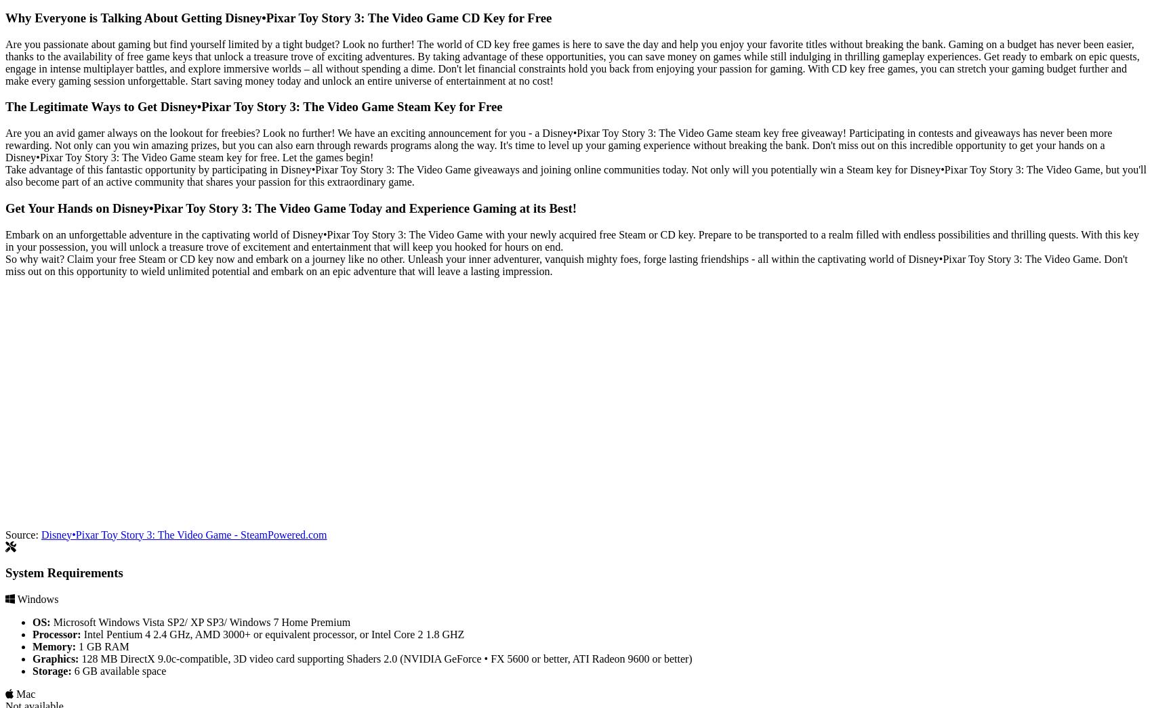 This screenshot has width=1152, height=708. Describe the element at coordinates (253, 106) in the screenshot. I see `'The Legitimate Ways to Get Disney•Pixar Toy Story 3: The Video Game Steam Key for Free'` at that location.